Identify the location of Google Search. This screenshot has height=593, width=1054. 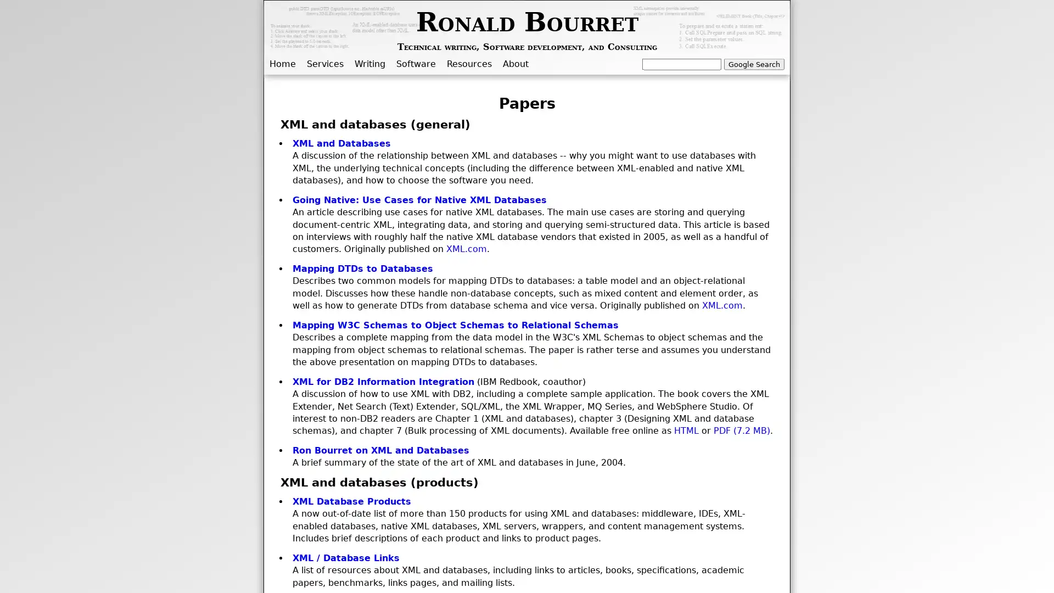
(753, 64).